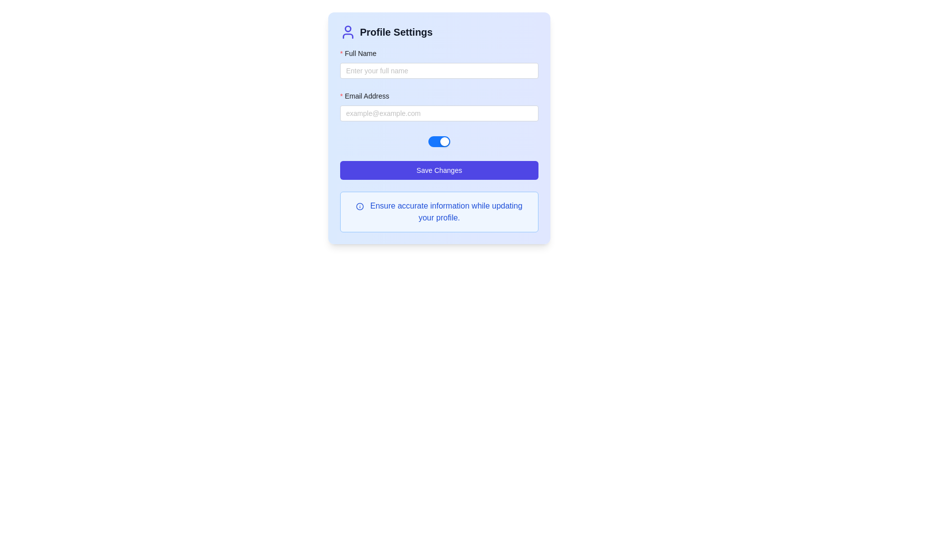  What do you see at coordinates (439, 141) in the screenshot?
I see `the toggle switch with a blue background and white circular handle located in the 'Profile Settings' card section, indicating the 'on' state` at bounding box center [439, 141].